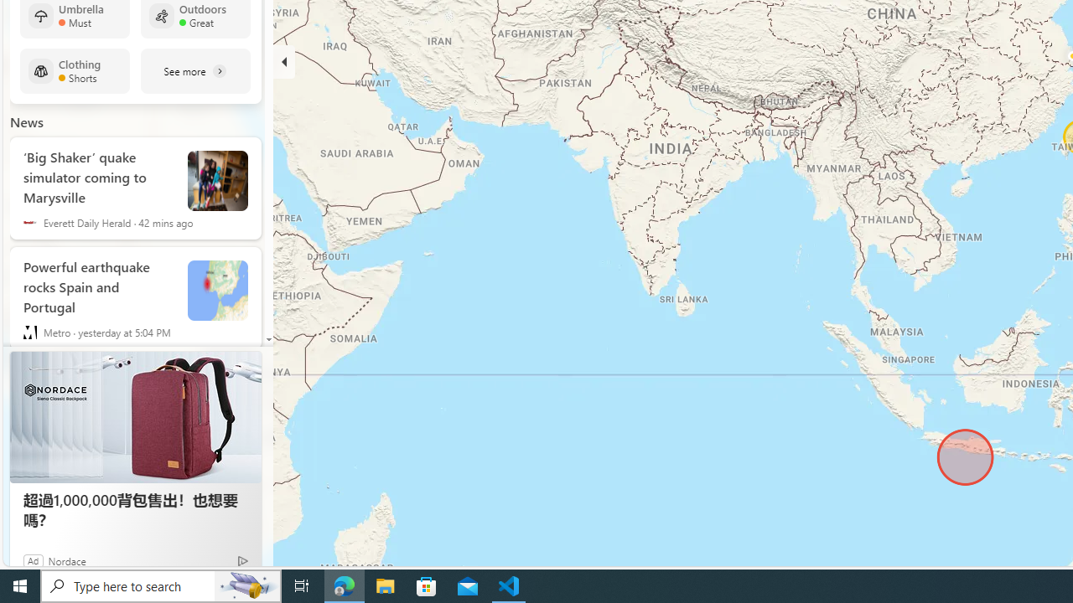 The width and height of the screenshot is (1073, 603). I want to click on 'Clothing Shorts', so click(74, 70).